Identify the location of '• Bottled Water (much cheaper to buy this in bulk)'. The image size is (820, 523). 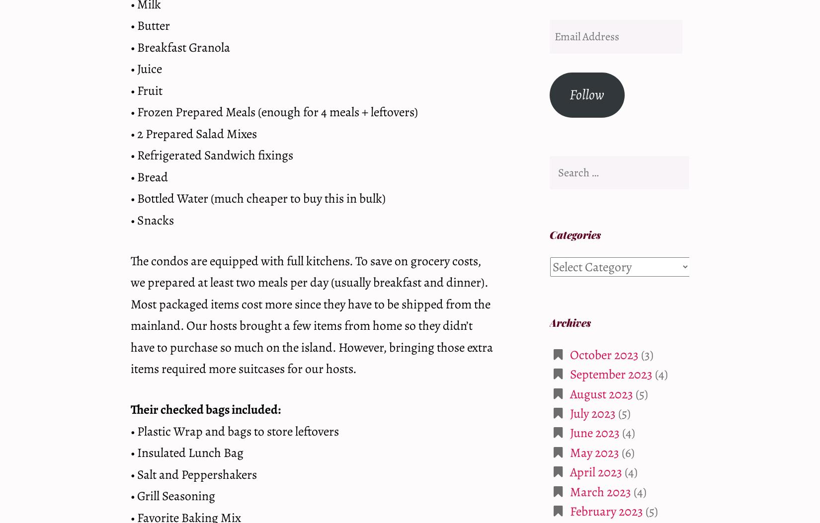
(257, 198).